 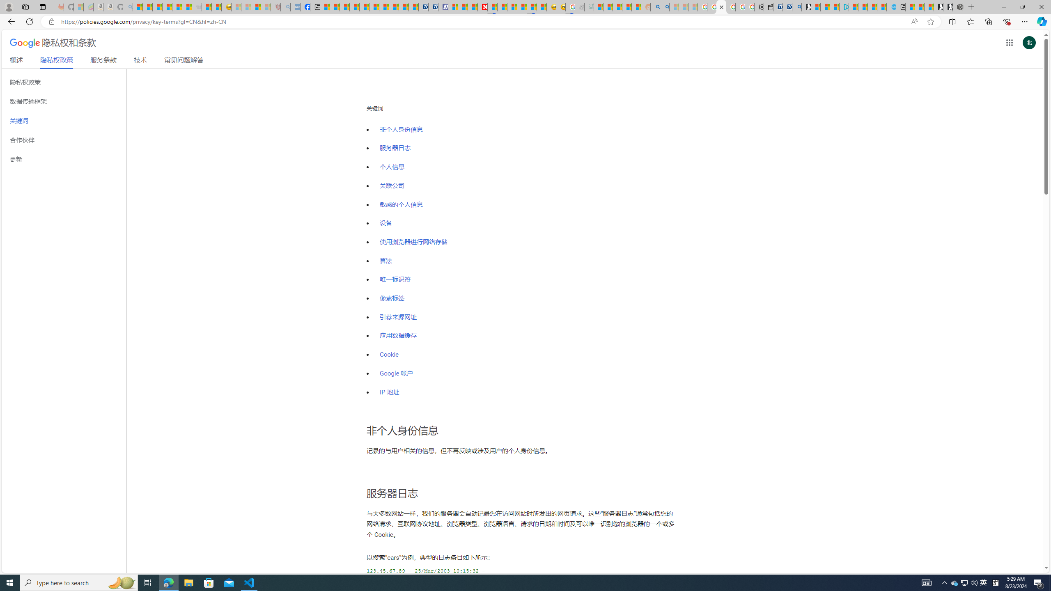 I want to click on '12 Popular Science Lies that Must be Corrected - Sleeping', so click(x=266, y=7).